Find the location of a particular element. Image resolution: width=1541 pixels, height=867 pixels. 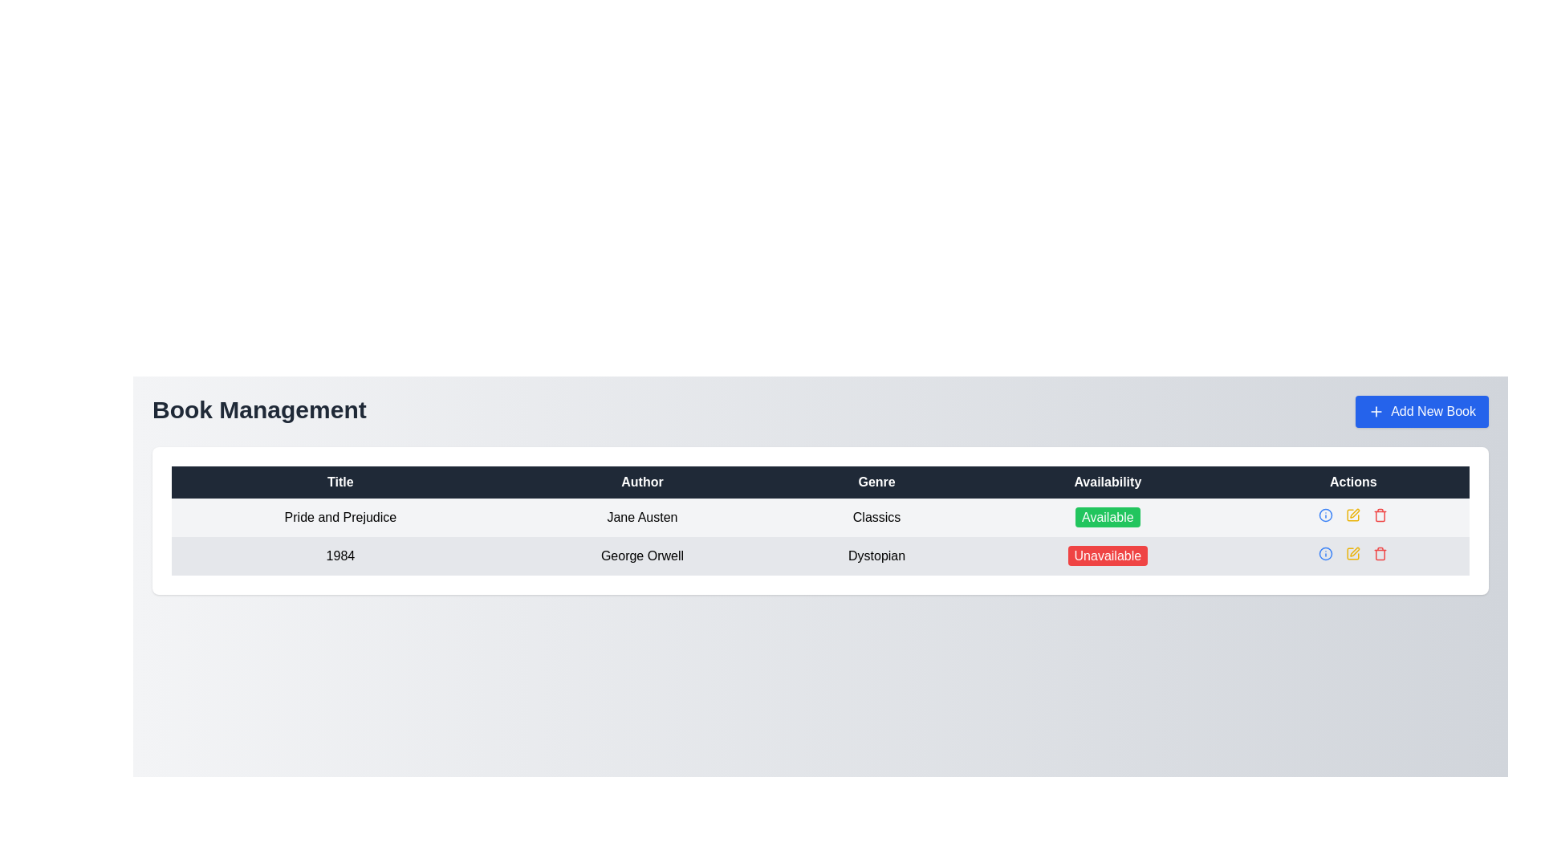

the delete button for the book '1984' located is located at coordinates (1380, 515).